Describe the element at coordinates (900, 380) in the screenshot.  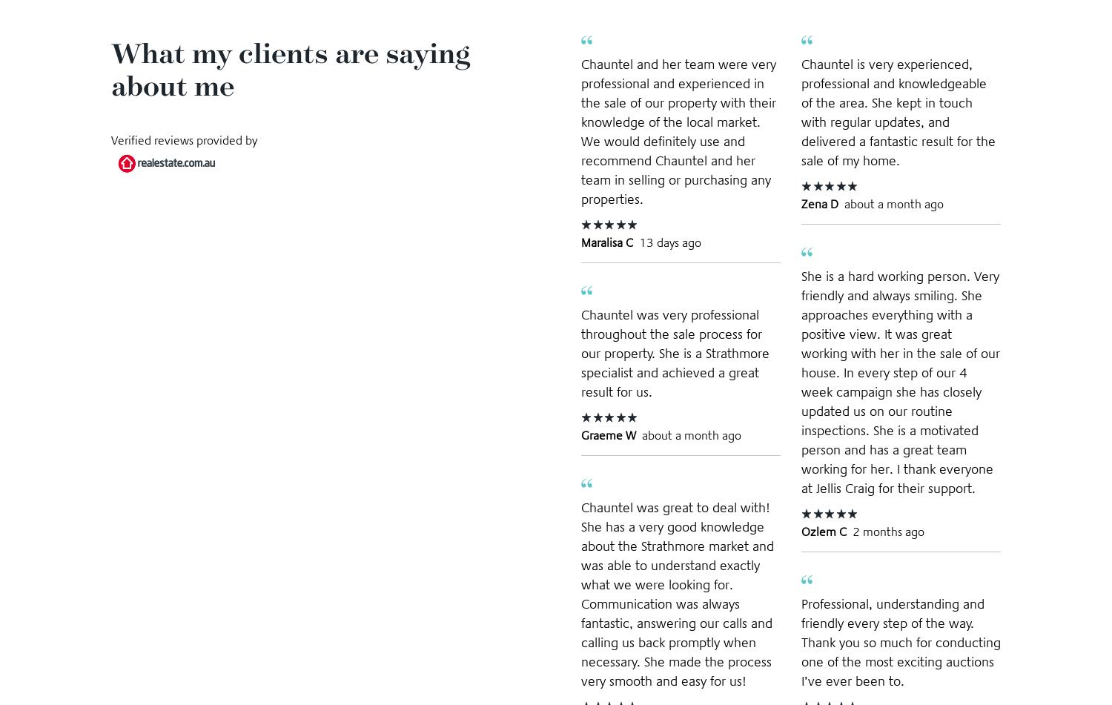
I see `'She is a hard working person. Very friendly and always smiling. She approaches everything with a positive view. It was great working with her in the sale of our house. In every step of our 4 week campaign she has closely updated us on our routine inspections. She is a motivated person and has a great team working for her. I thank everyone at Jellis Craig for their support.'` at that location.